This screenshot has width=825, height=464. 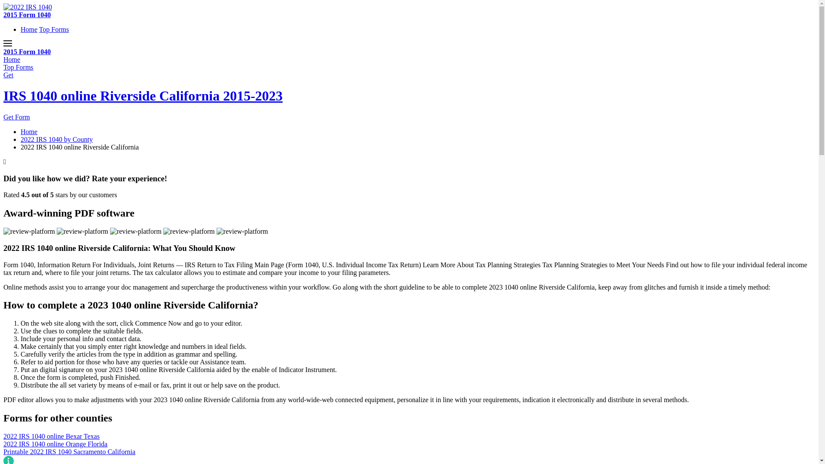 I want to click on '2022 IRS 1040 by County', so click(x=56, y=139).